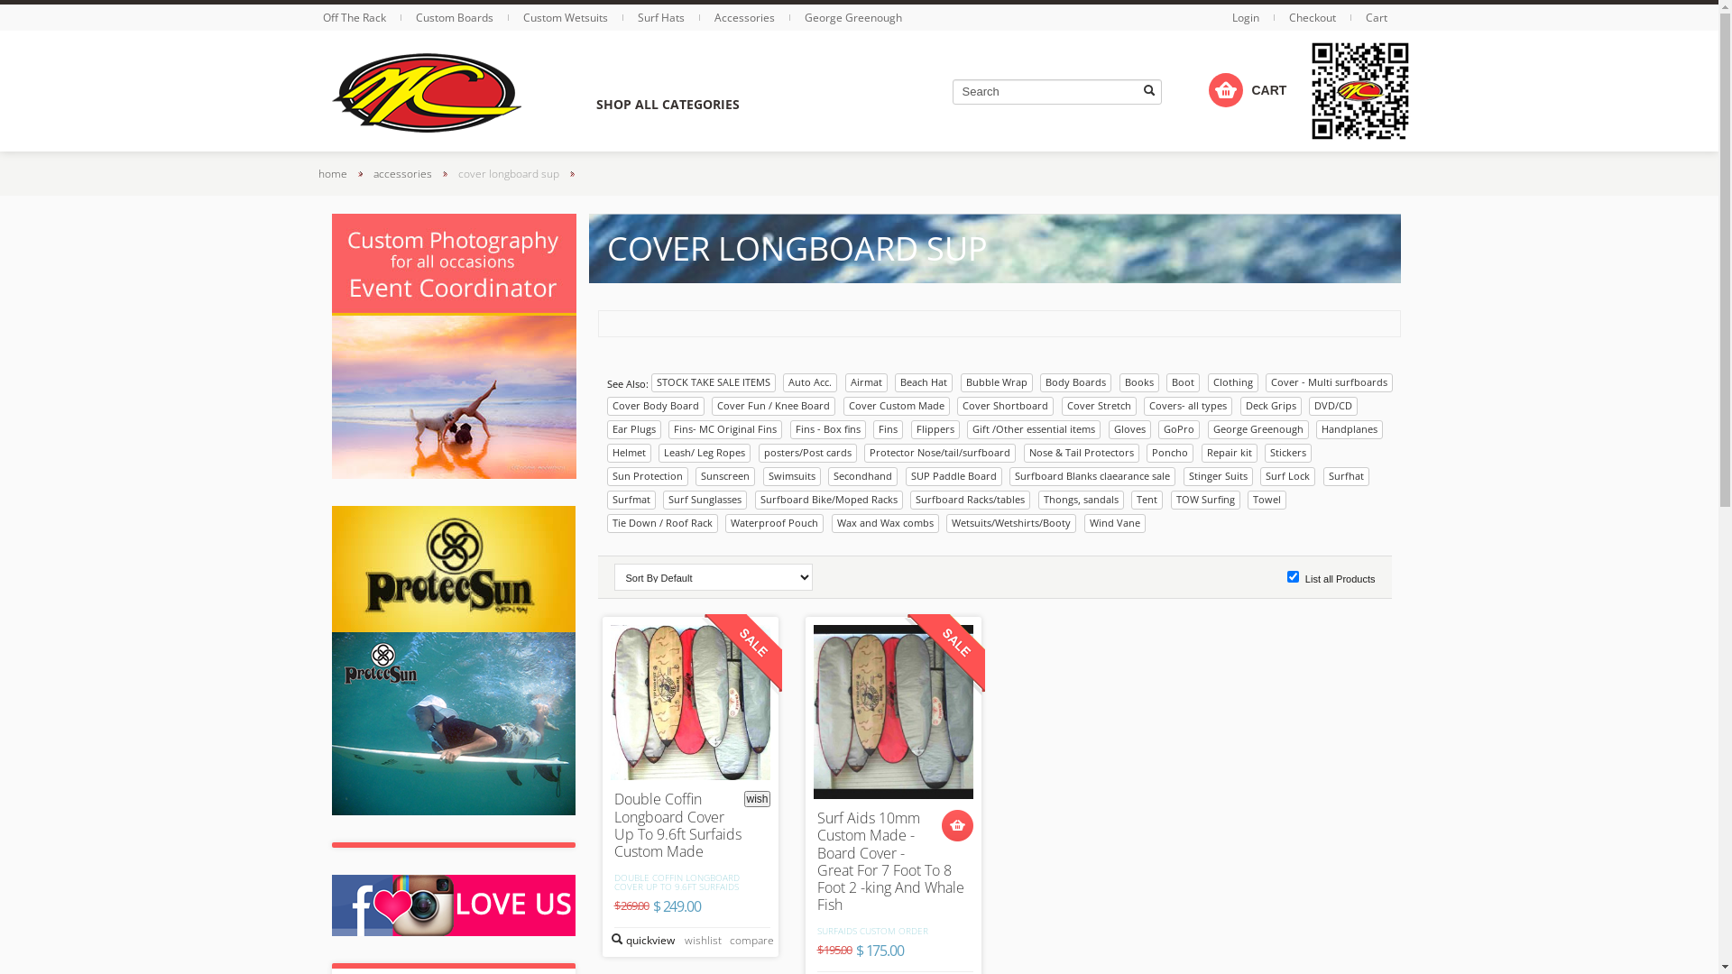 This screenshot has width=1732, height=974. I want to click on 'Surfboard Bike/Moped Racks', so click(826, 500).